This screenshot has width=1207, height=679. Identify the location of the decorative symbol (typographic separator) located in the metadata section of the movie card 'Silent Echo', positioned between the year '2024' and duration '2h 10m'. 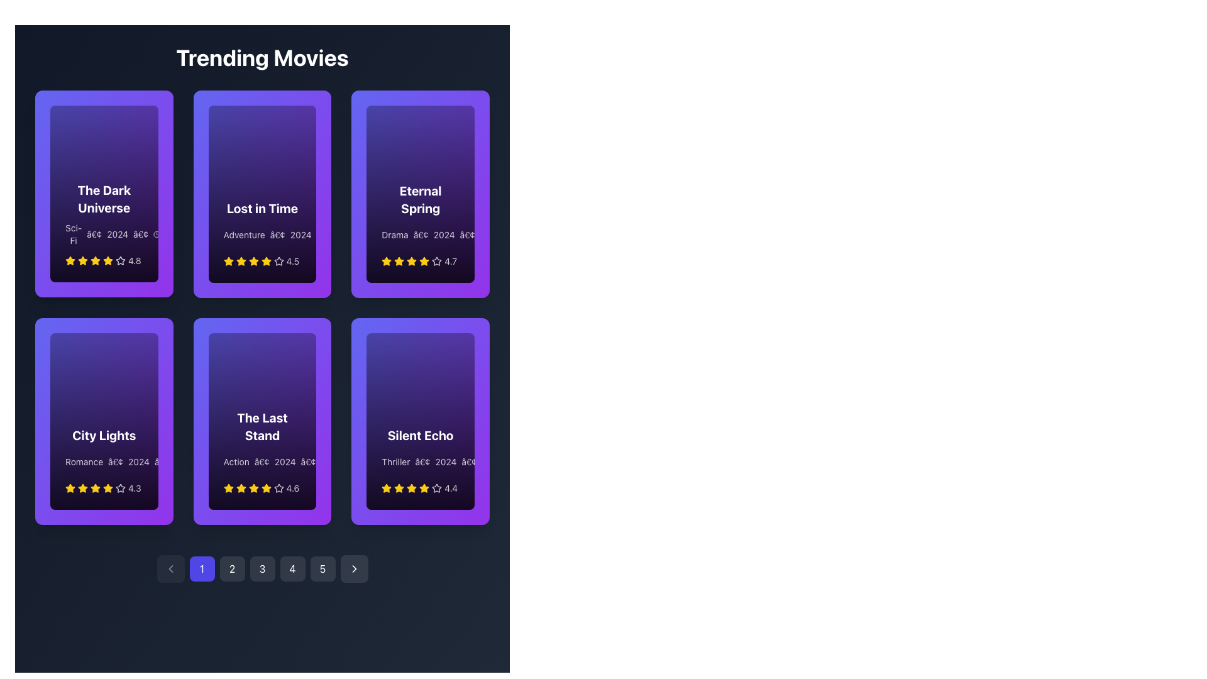
(468, 462).